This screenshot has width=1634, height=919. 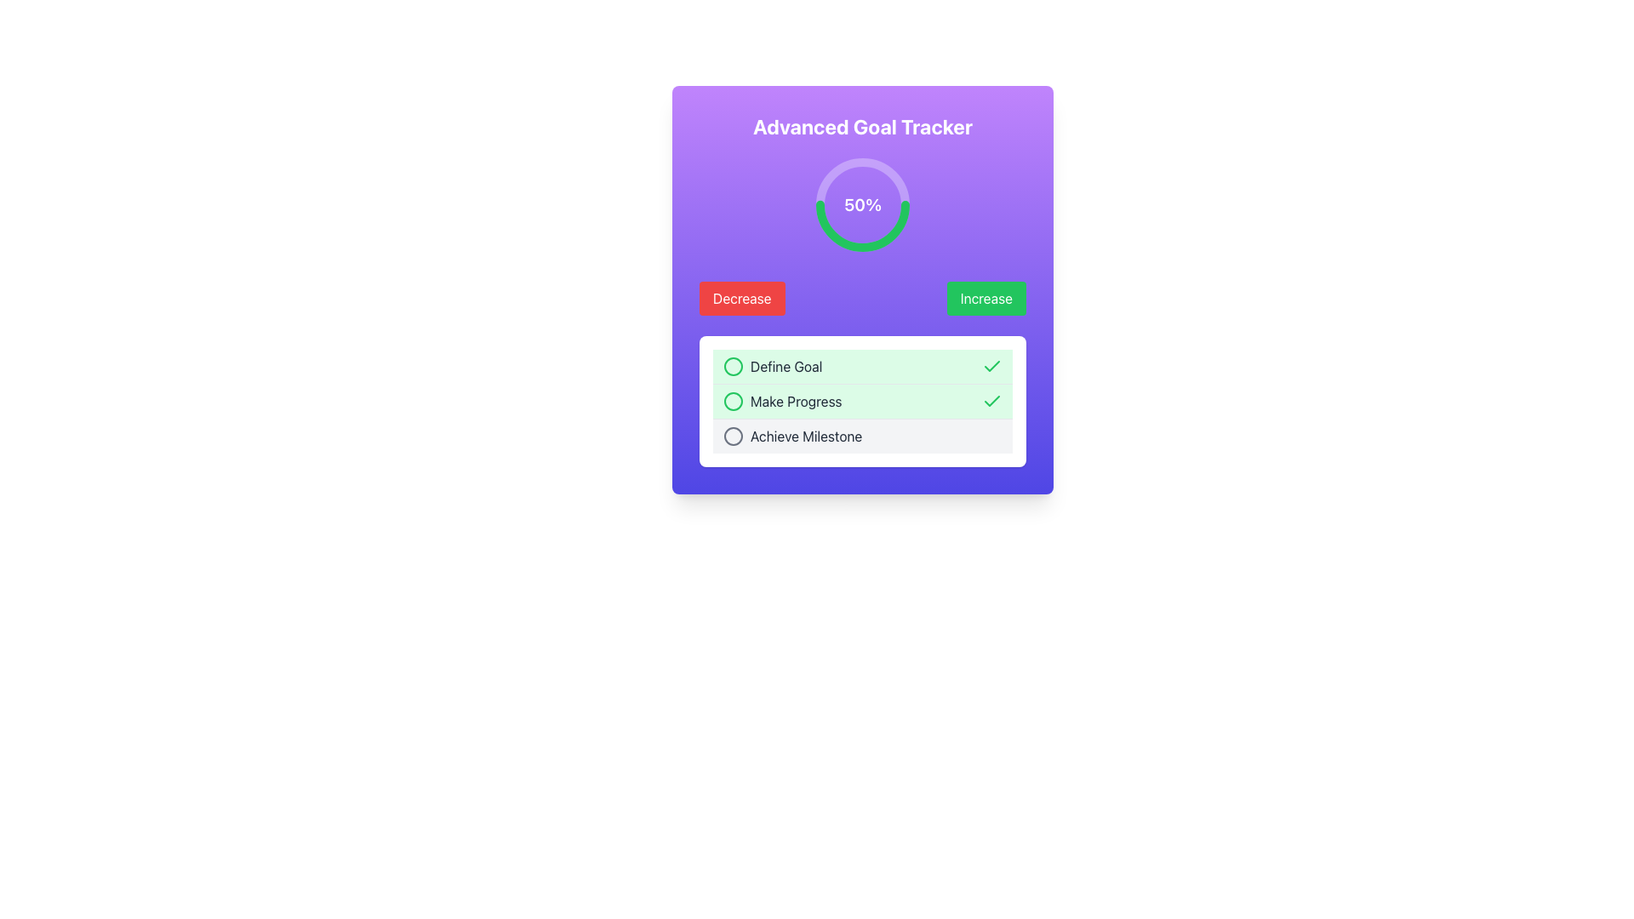 I want to click on the center of the Selectable Indicator for the 'Define Goal' option in the checklist under 'Advanced Goal Tracker', so click(x=734, y=366).